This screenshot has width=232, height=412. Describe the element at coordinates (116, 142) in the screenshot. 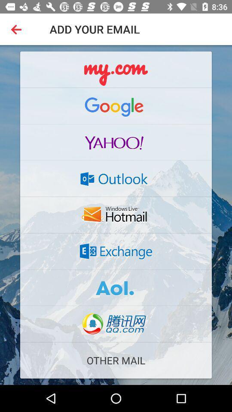

I see `yahoo email select` at that location.